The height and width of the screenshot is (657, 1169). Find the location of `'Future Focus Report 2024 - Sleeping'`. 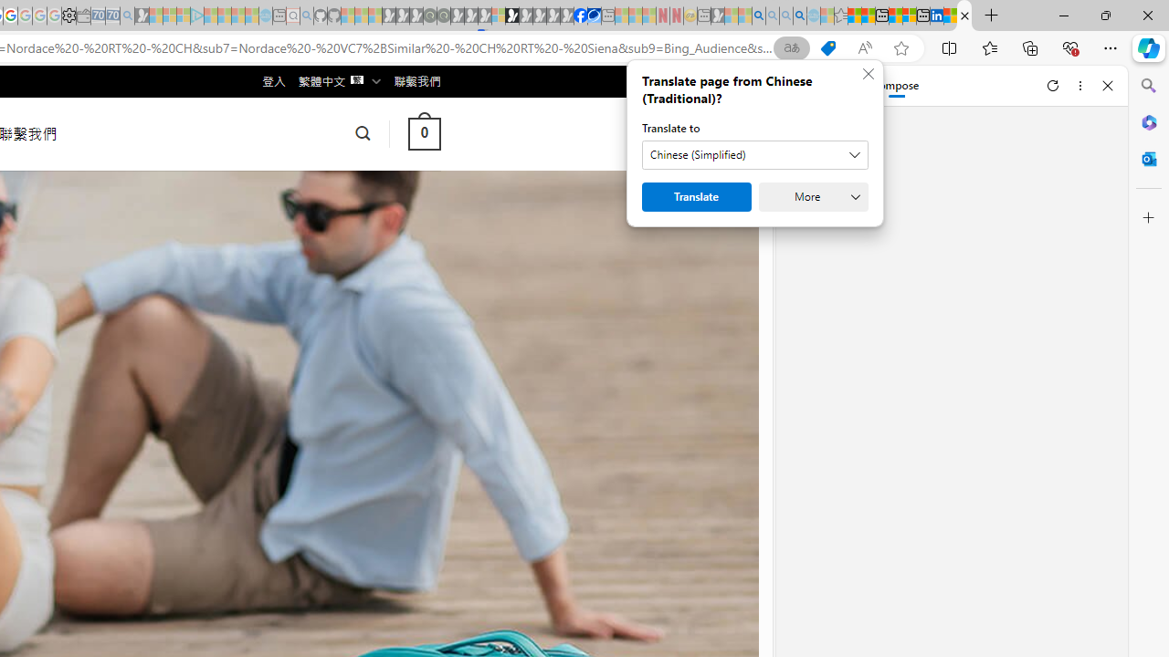

'Future Focus Report 2024 - Sleeping' is located at coordinates (443, 16).